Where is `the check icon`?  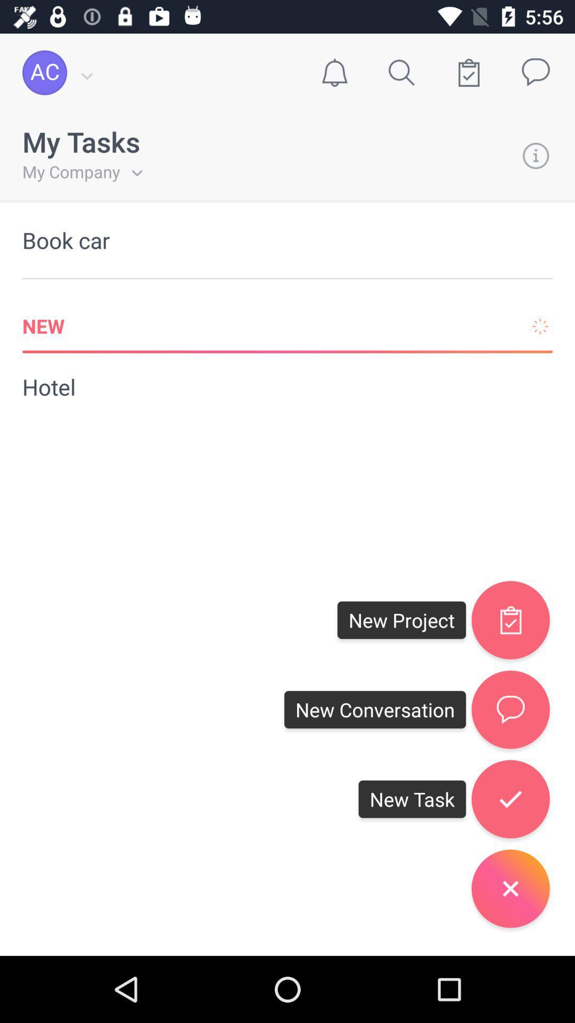
the check icon is located at coordinates (510, 799).